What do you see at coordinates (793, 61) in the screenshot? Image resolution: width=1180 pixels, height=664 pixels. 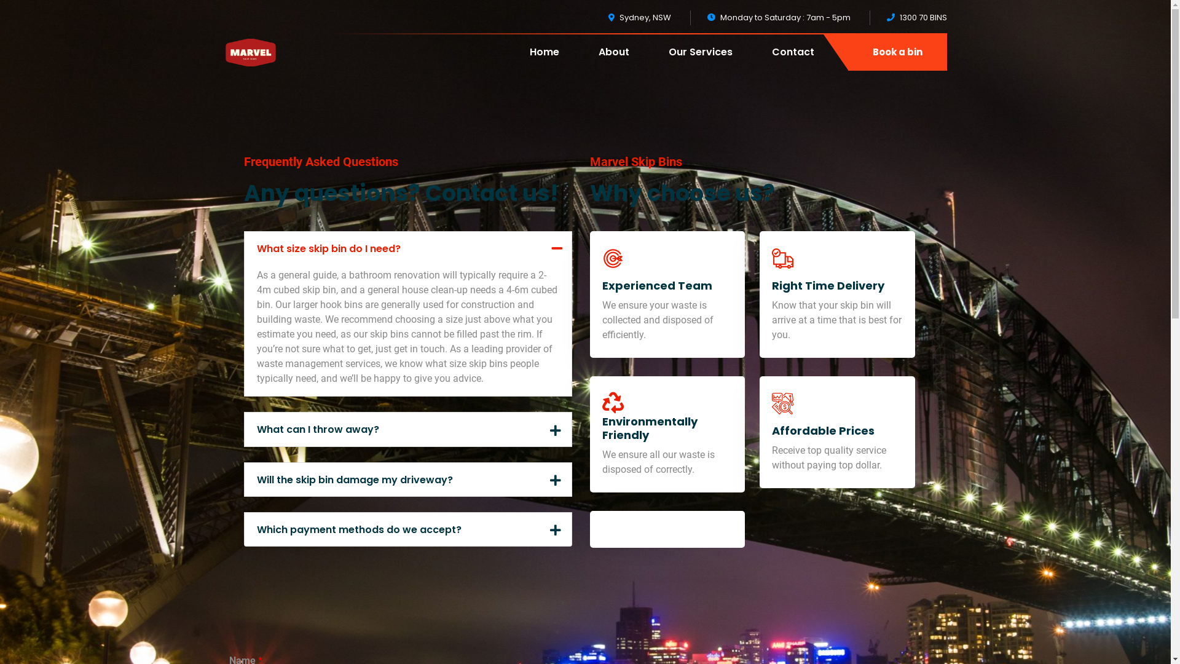 I see `'Contact'` at bounding box center [793, 61].